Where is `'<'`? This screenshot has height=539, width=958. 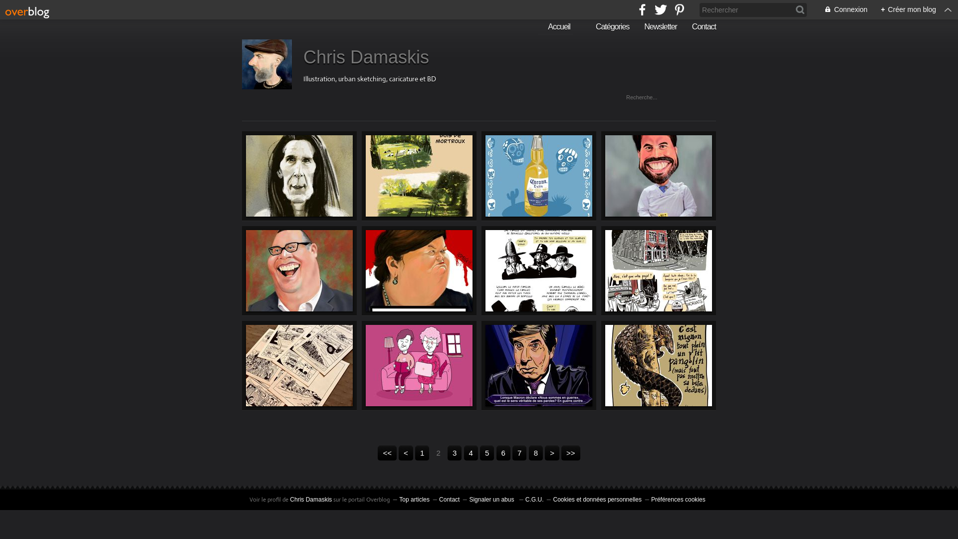
'<' is located at coordinates (406, 453).